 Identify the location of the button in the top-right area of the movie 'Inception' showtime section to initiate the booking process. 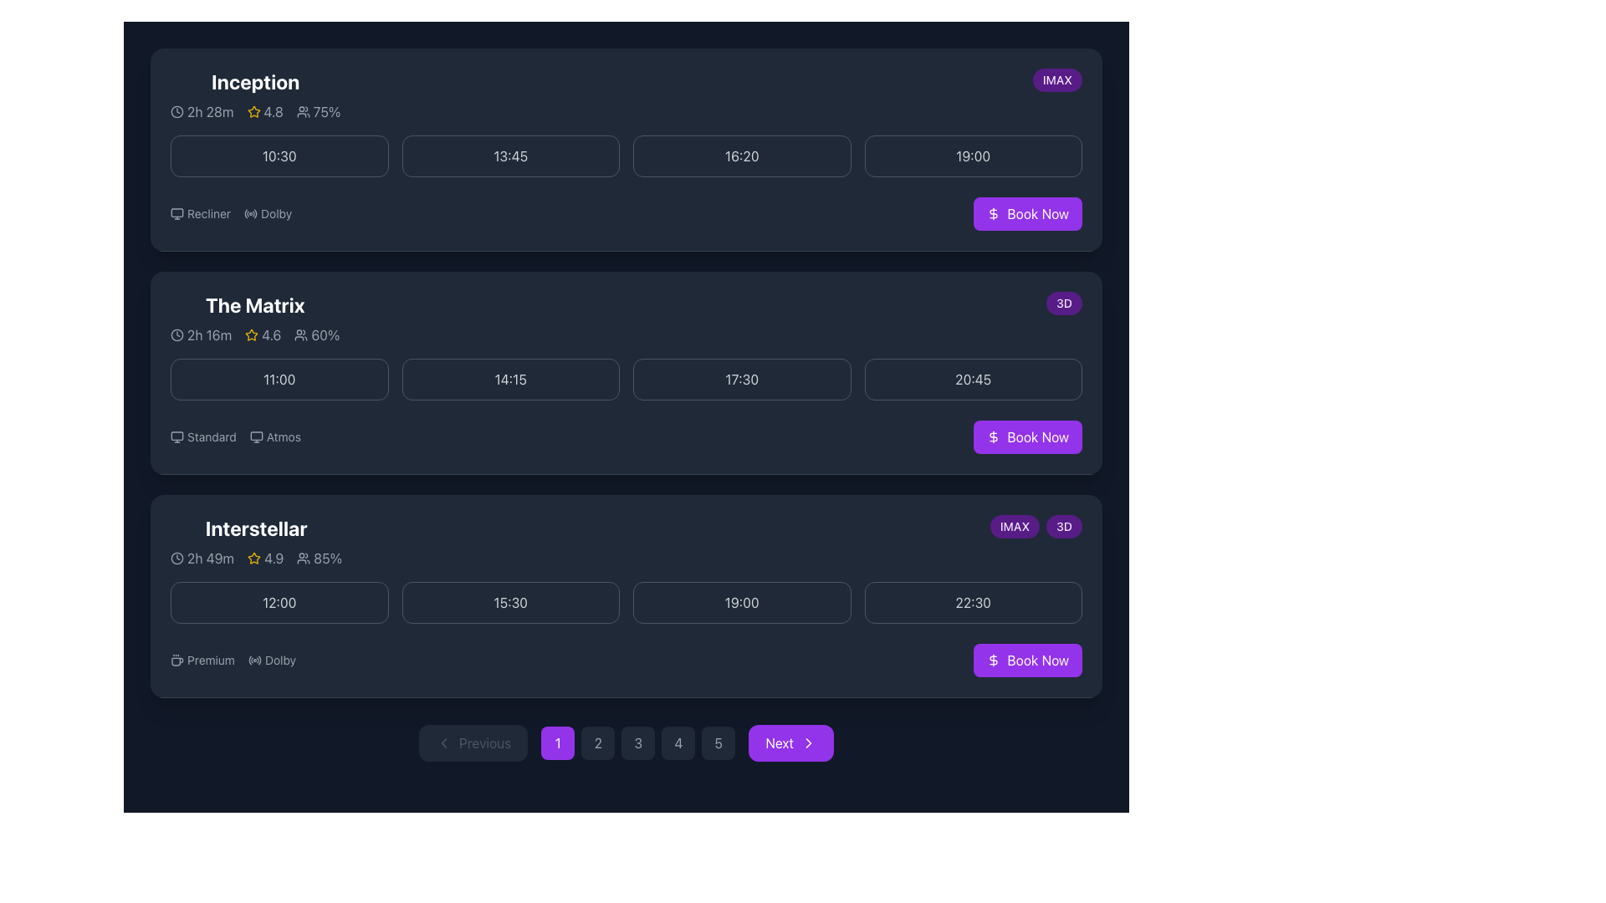
(1027, 212).